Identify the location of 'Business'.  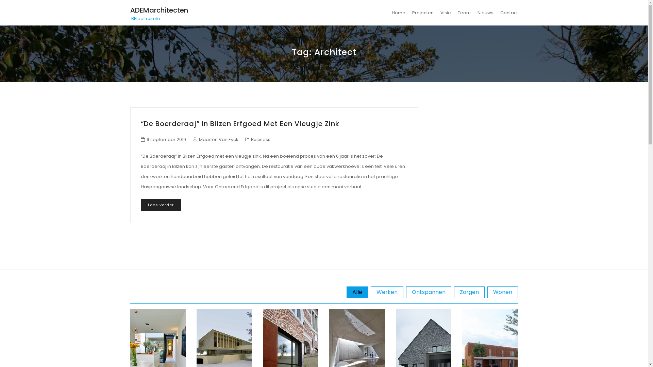
(260, 139).